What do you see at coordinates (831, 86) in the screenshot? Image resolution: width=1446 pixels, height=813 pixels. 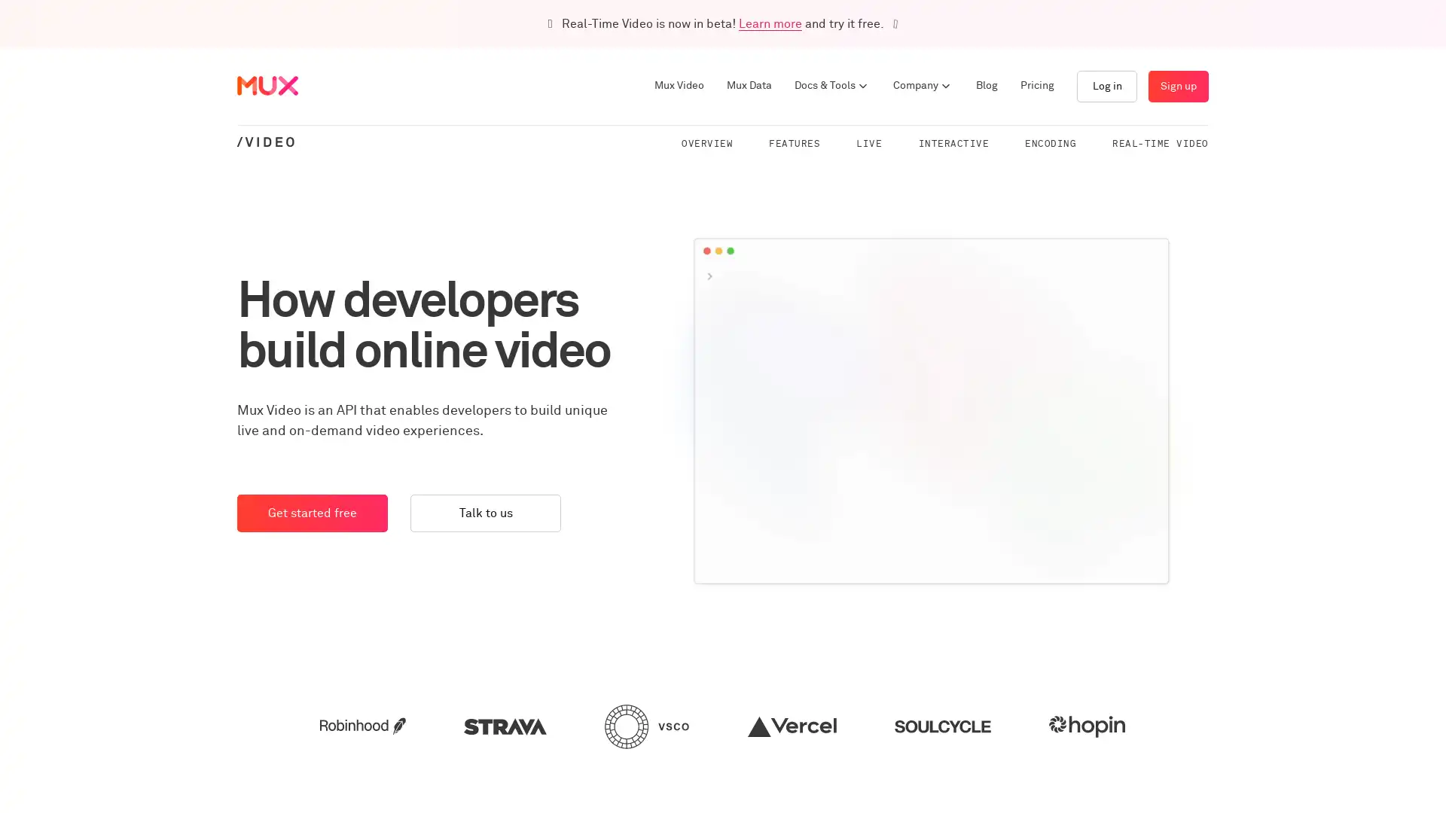 I see `Docs & Tools` at bounding box center [831, 86].